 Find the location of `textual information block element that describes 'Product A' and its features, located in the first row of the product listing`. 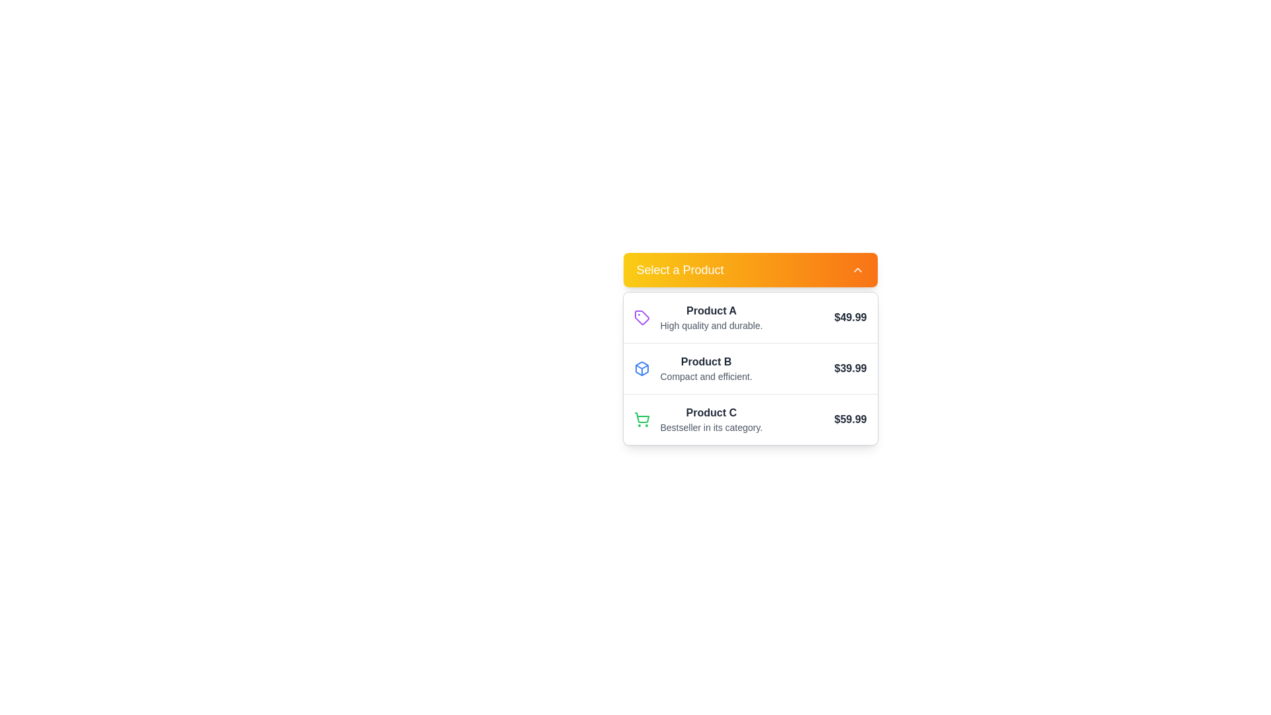

textual information block element that describes 'Product A' and its features, located in the first row of the product listing is located at coordinates (711, 317).